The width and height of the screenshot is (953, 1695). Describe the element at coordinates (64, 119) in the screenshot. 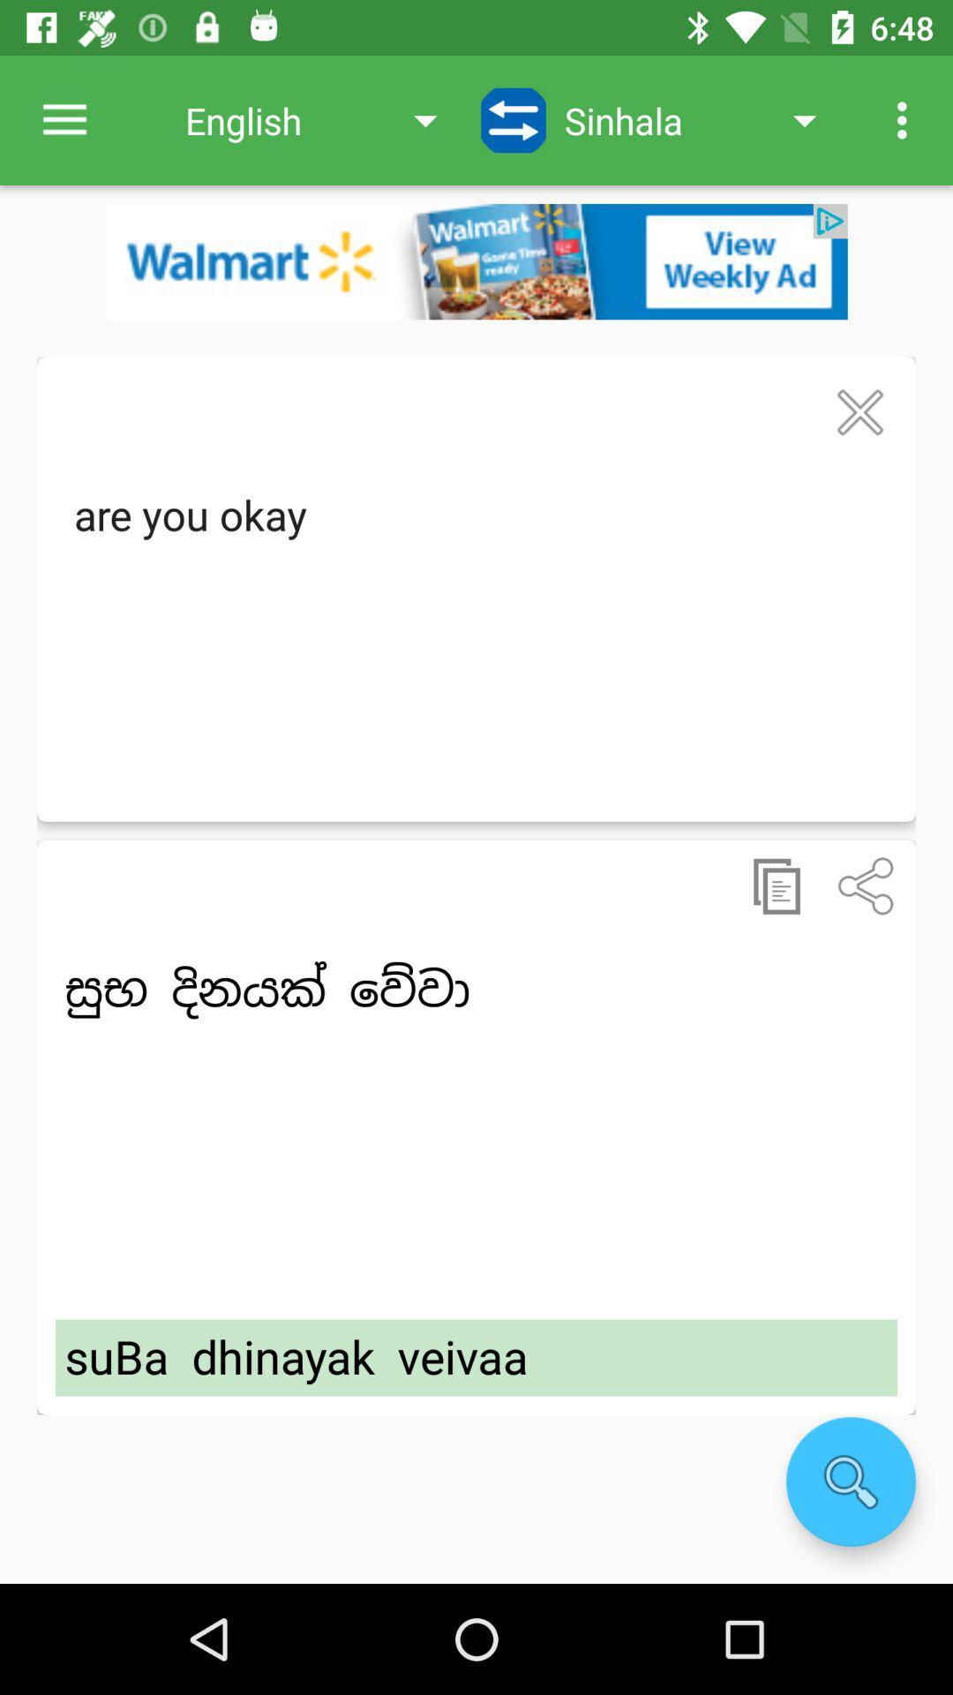

I see `the item to the left of english app` at that location.